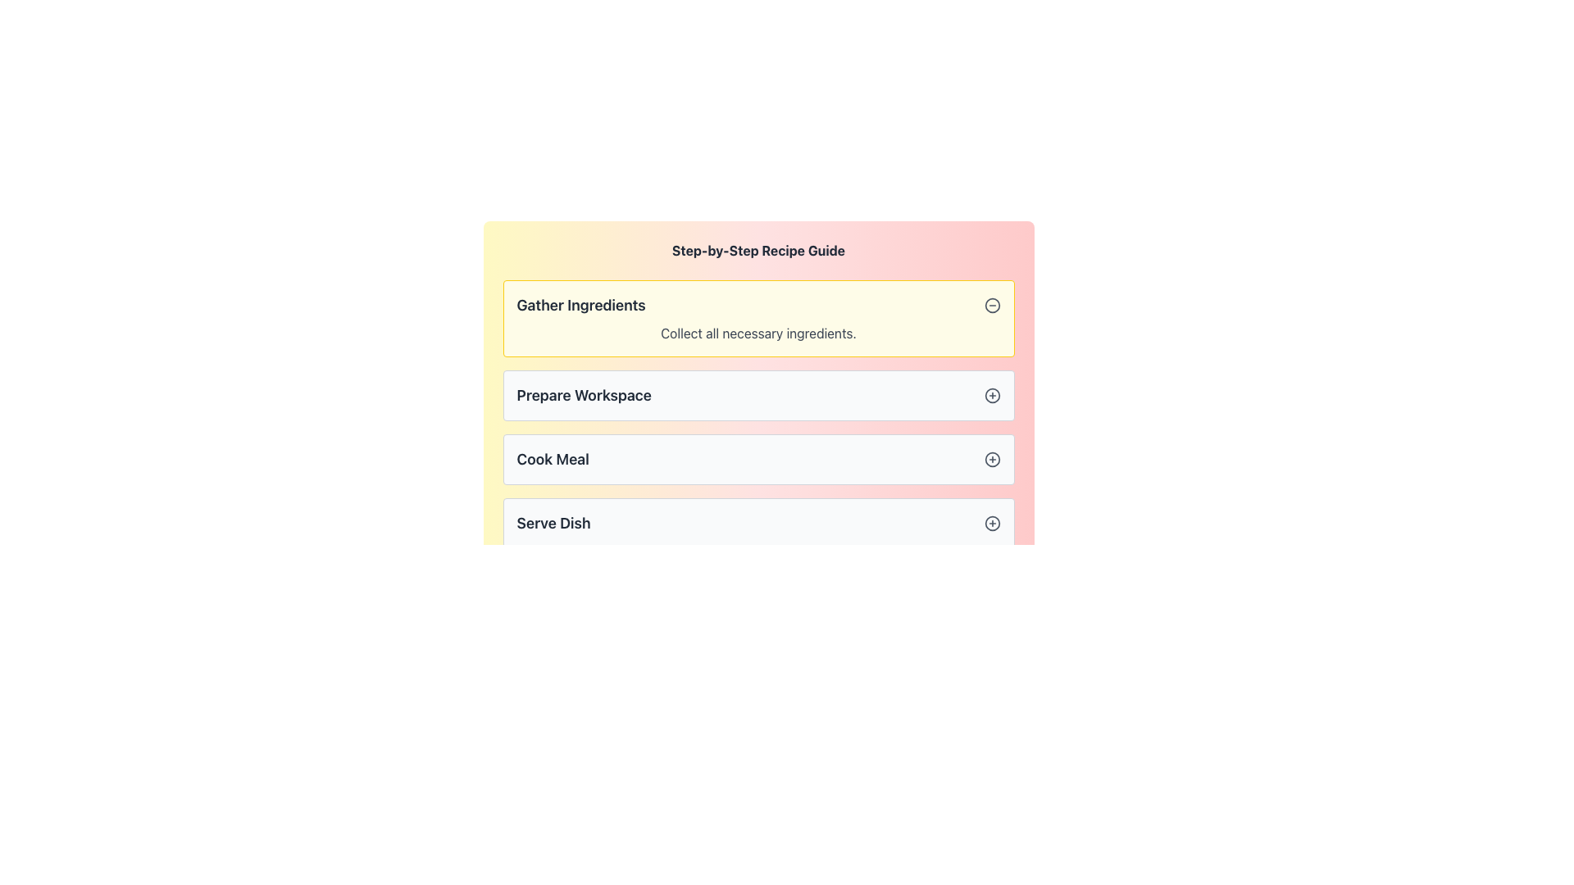 This screenshot has height=885, width=1574. Describe the element at coordinates (757, 524) in the screenshot. I see `the 'Serve Dish' step element in the collapsible list item at the bottom of the 'Step-by-Step Recipe Guide'` at that location.